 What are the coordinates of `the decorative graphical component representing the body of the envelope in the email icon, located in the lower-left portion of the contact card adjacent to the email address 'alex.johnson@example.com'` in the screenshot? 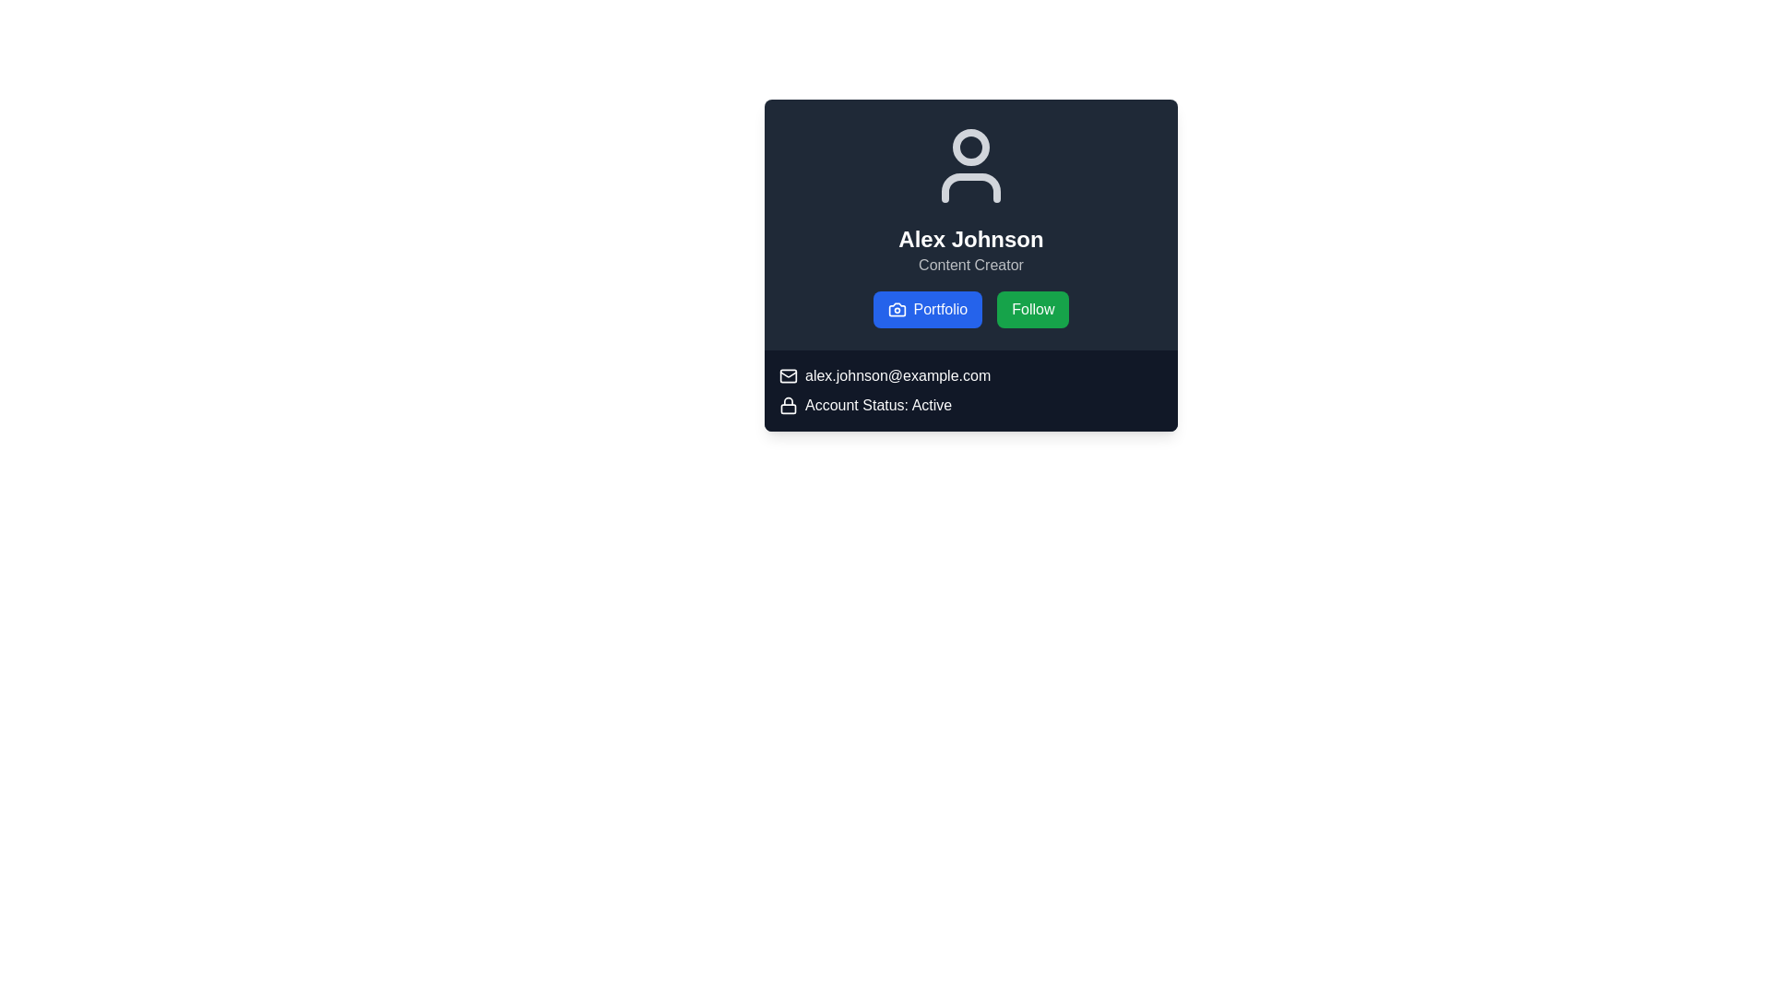 It's located at (788, 375).